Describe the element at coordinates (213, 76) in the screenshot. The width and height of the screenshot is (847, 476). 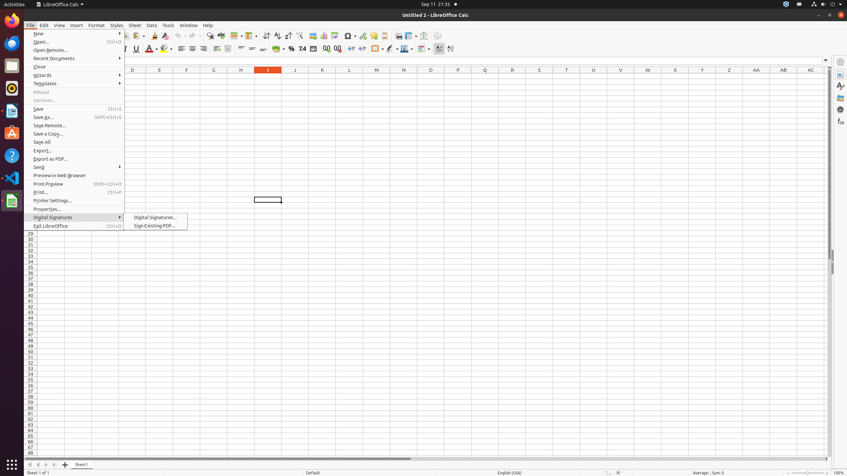
I see `'G1'` at that location.